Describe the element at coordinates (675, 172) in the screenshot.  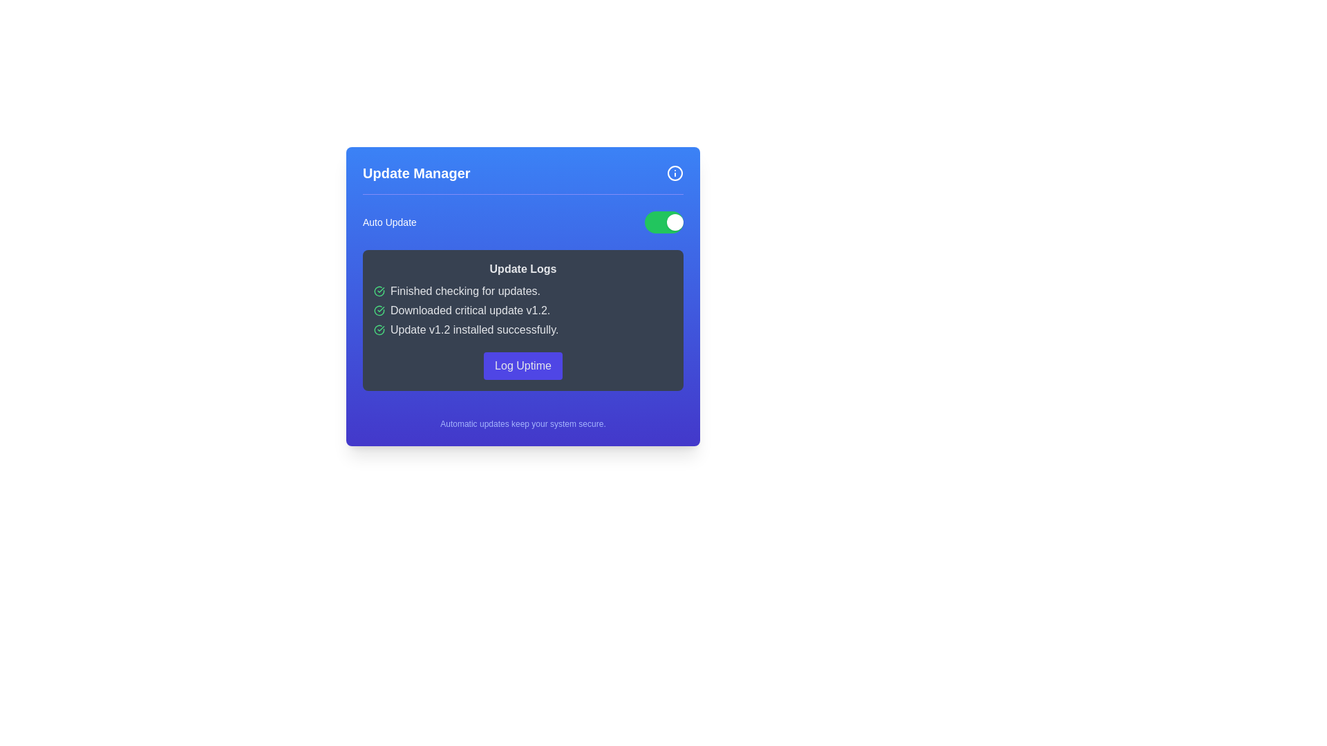
I see `the SVG Circle element located in the upper-right corner of the Update Manager card, which is surrounded by other graphical elements and represents information or alerts` at that location.